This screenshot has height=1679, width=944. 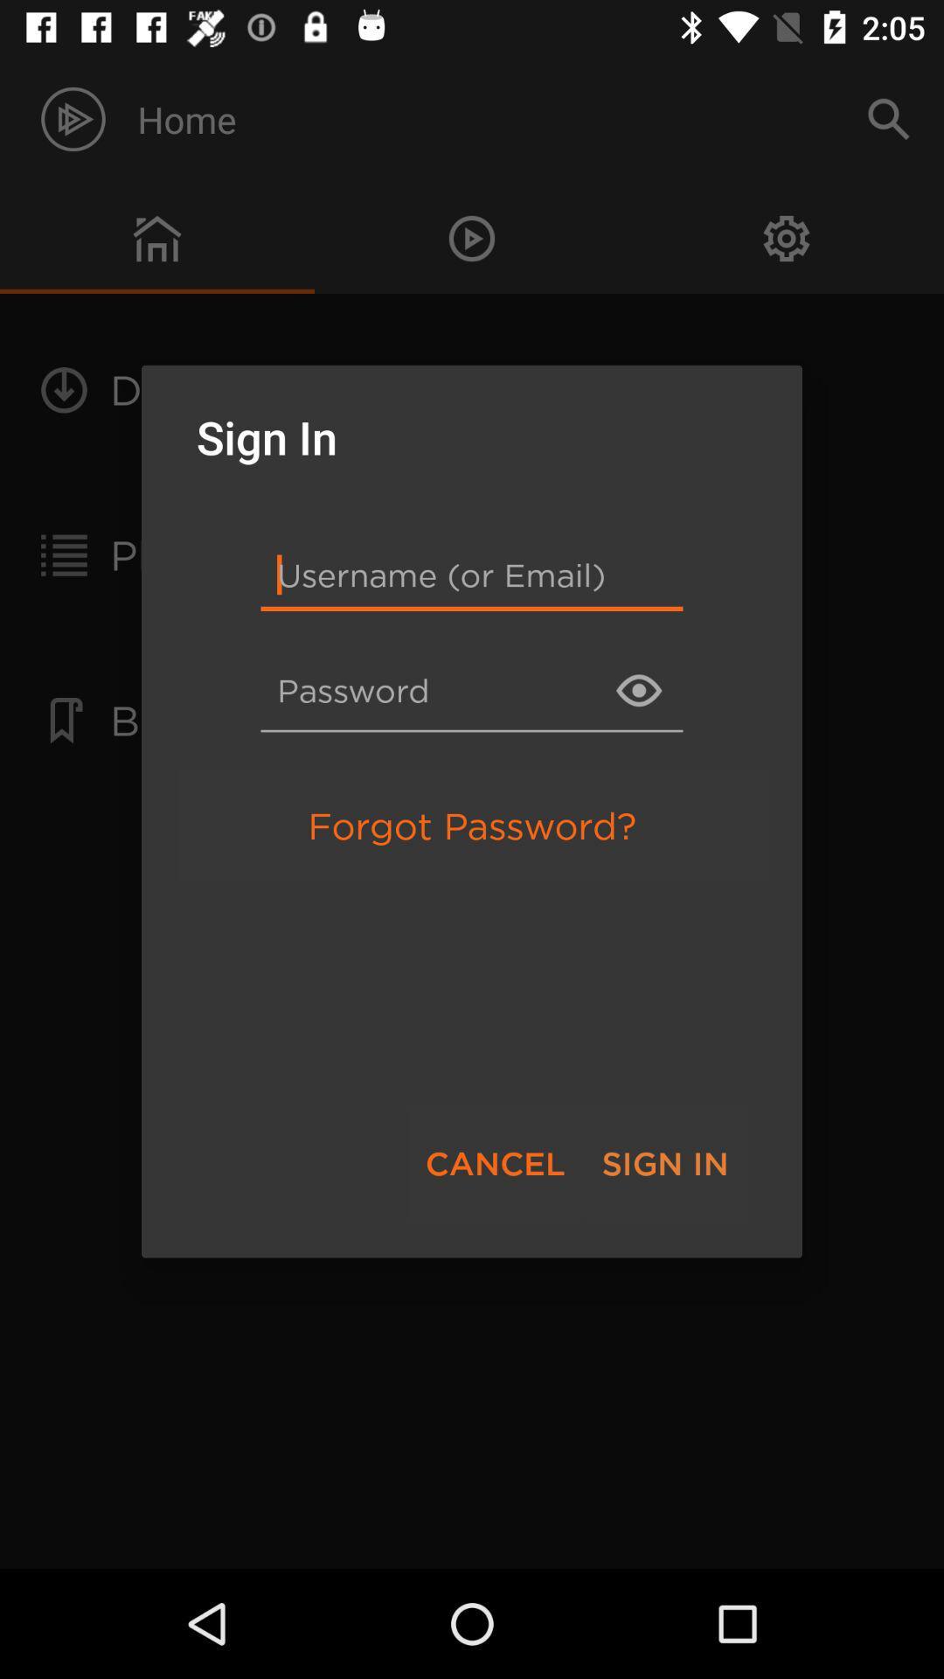 What do you see at coordinates (495, 1163) in the screenshot?
I see `item at the bottom` at bounding box center [495, 1163].